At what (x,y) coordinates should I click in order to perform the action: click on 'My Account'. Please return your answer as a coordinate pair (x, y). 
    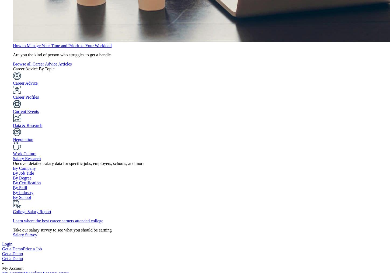
    Looking at the image, I should click on (13, 268).